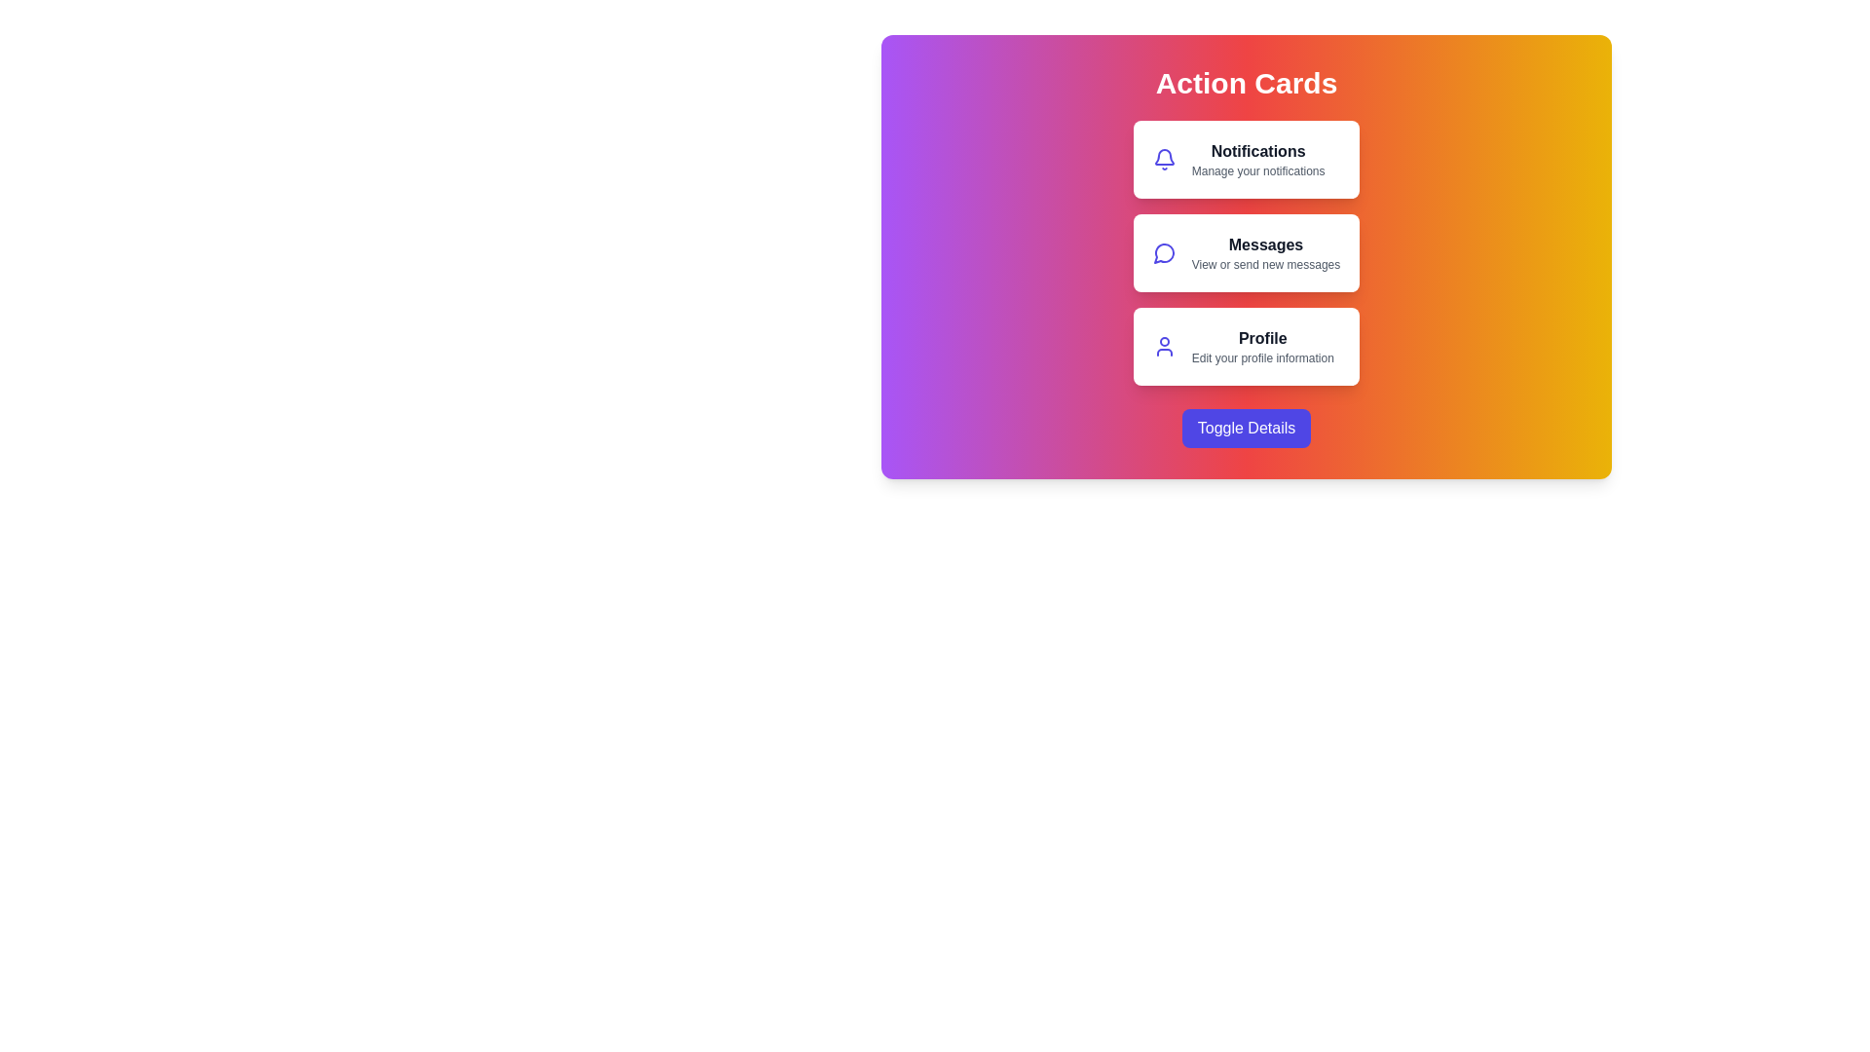  I want to click on the text label that reads 'Edit your profile information', which is styled in a small gray font and positioned below the bold 'Profile' heading in the third action card labeled 'Profile', so click(1262, 357).